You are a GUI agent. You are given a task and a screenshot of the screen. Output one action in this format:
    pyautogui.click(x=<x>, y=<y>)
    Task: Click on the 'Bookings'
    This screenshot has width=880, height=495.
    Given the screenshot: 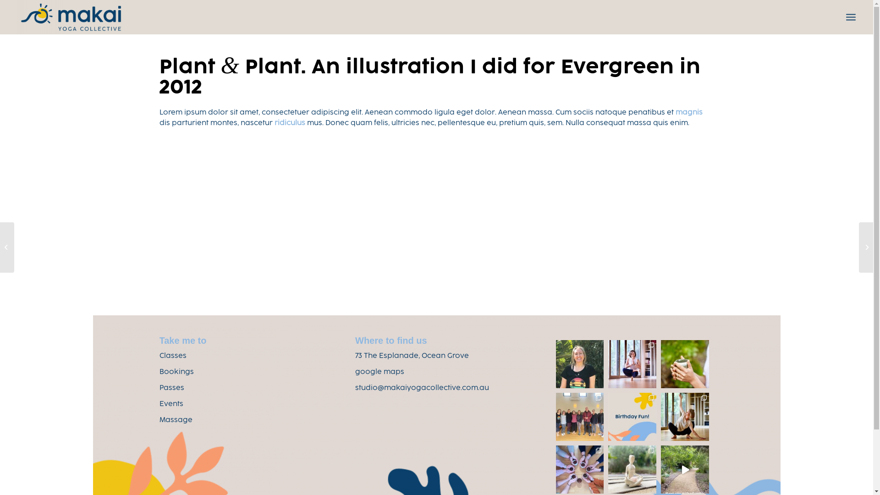 What is the action you would take?
    pyautogui.click(x=176, y=372)
    